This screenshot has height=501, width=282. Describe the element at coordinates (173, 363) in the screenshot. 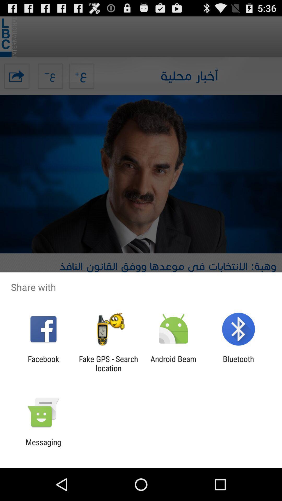

I see `the icon next to the bluetooth app` at that location.